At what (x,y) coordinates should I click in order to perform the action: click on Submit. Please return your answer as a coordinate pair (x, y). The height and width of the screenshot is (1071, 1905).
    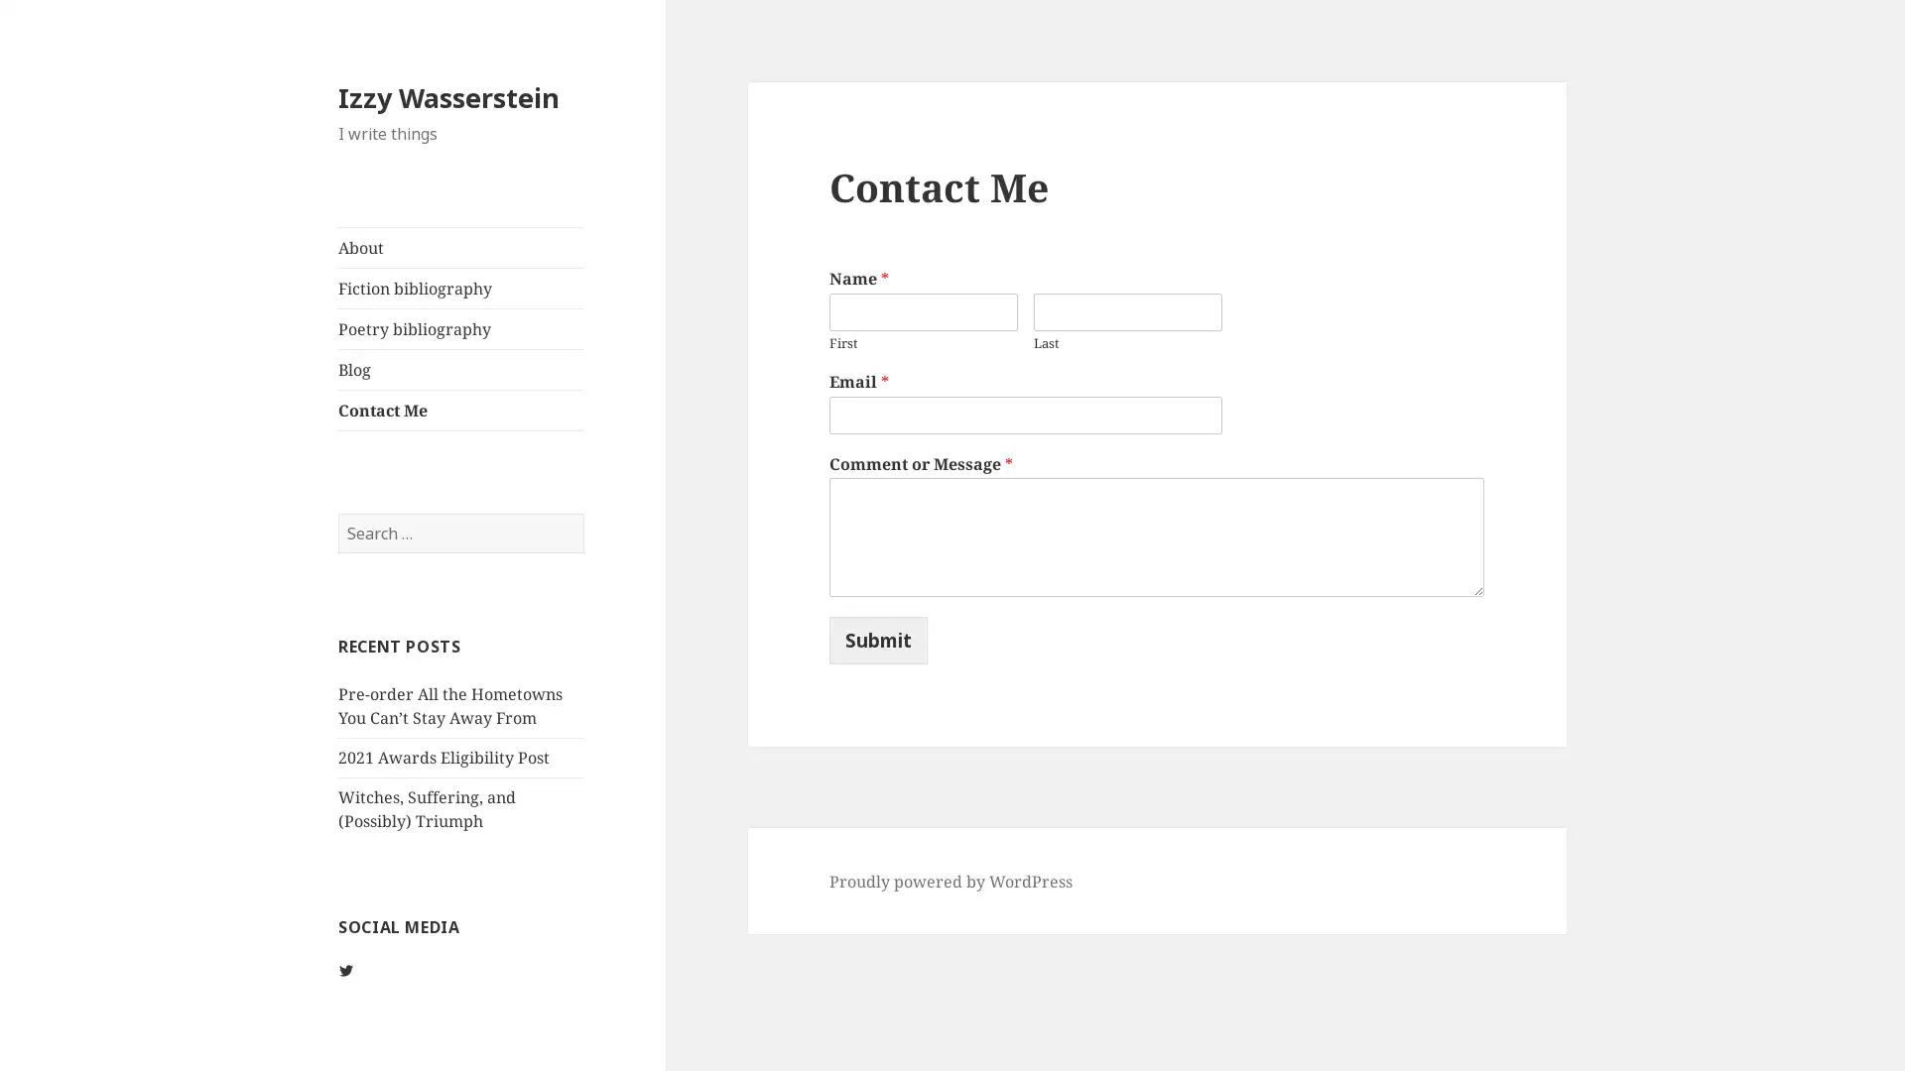
    Looking at the image, I should click on (877, 640).